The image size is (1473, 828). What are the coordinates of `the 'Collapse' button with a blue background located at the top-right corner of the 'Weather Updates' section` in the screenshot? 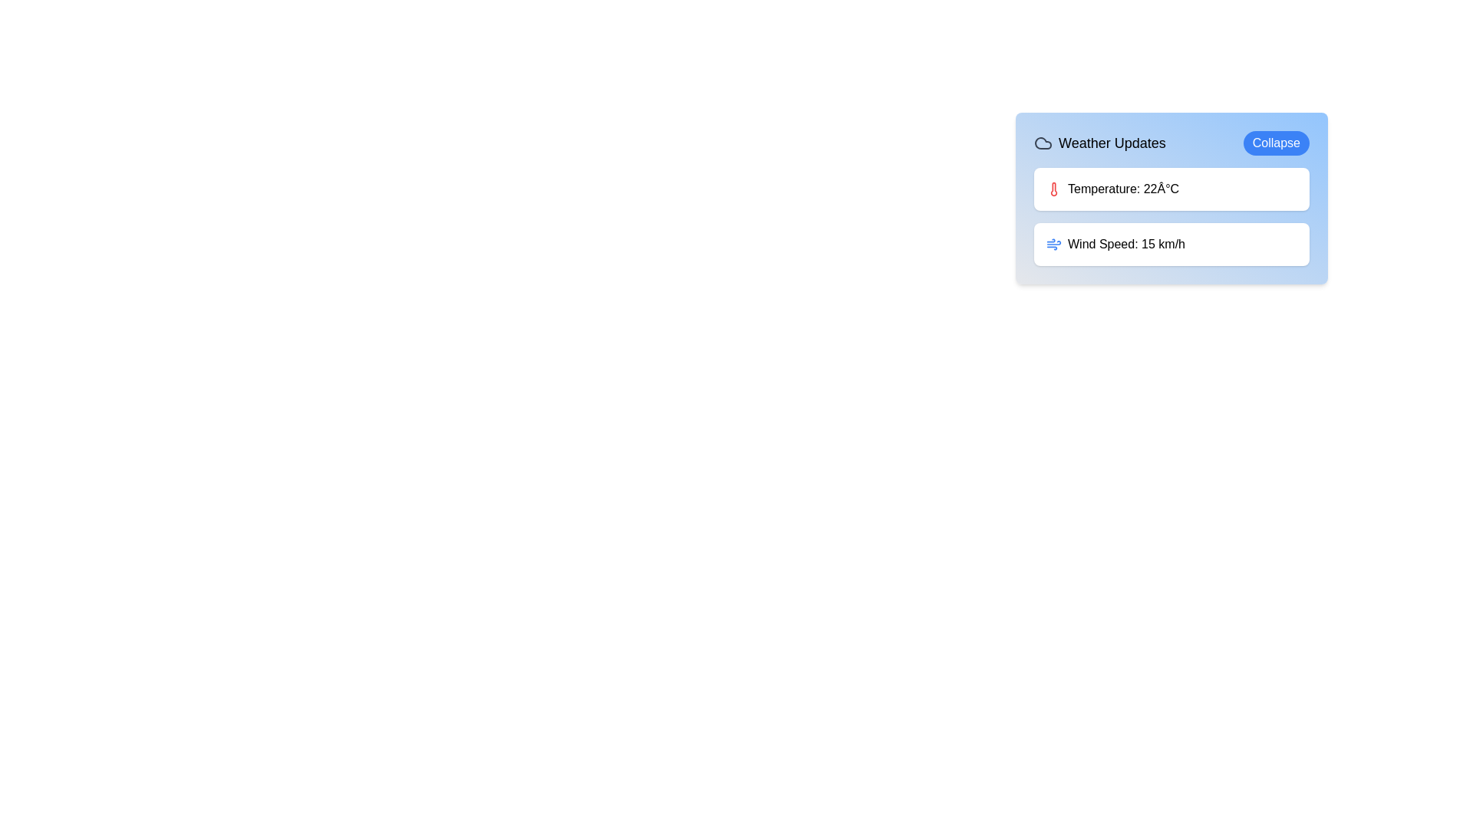 It's located at (1276, 143).